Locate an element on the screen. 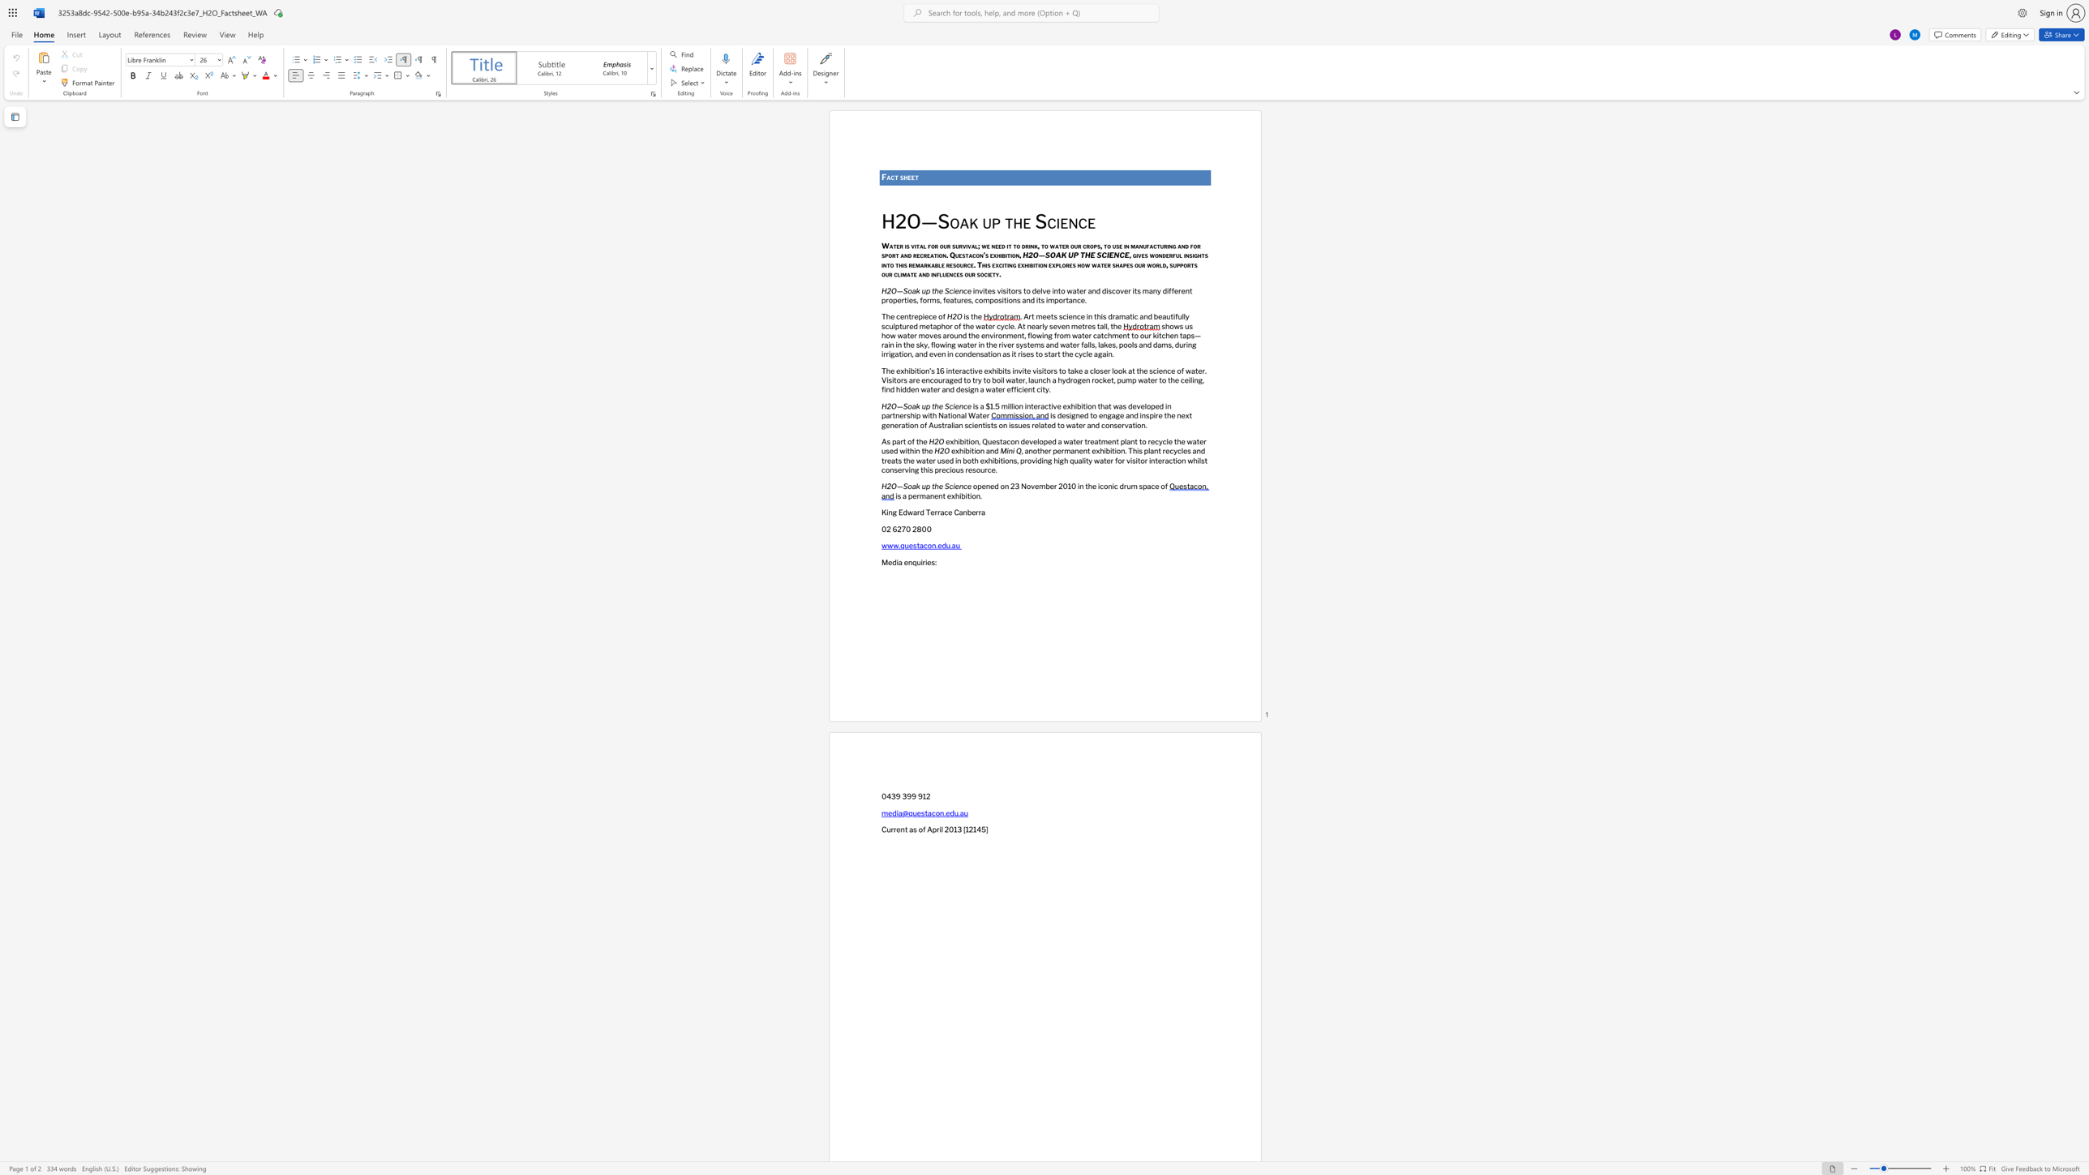  the space between the continuous character "i" and "t" in the text is located at coordinates (1037, 299).